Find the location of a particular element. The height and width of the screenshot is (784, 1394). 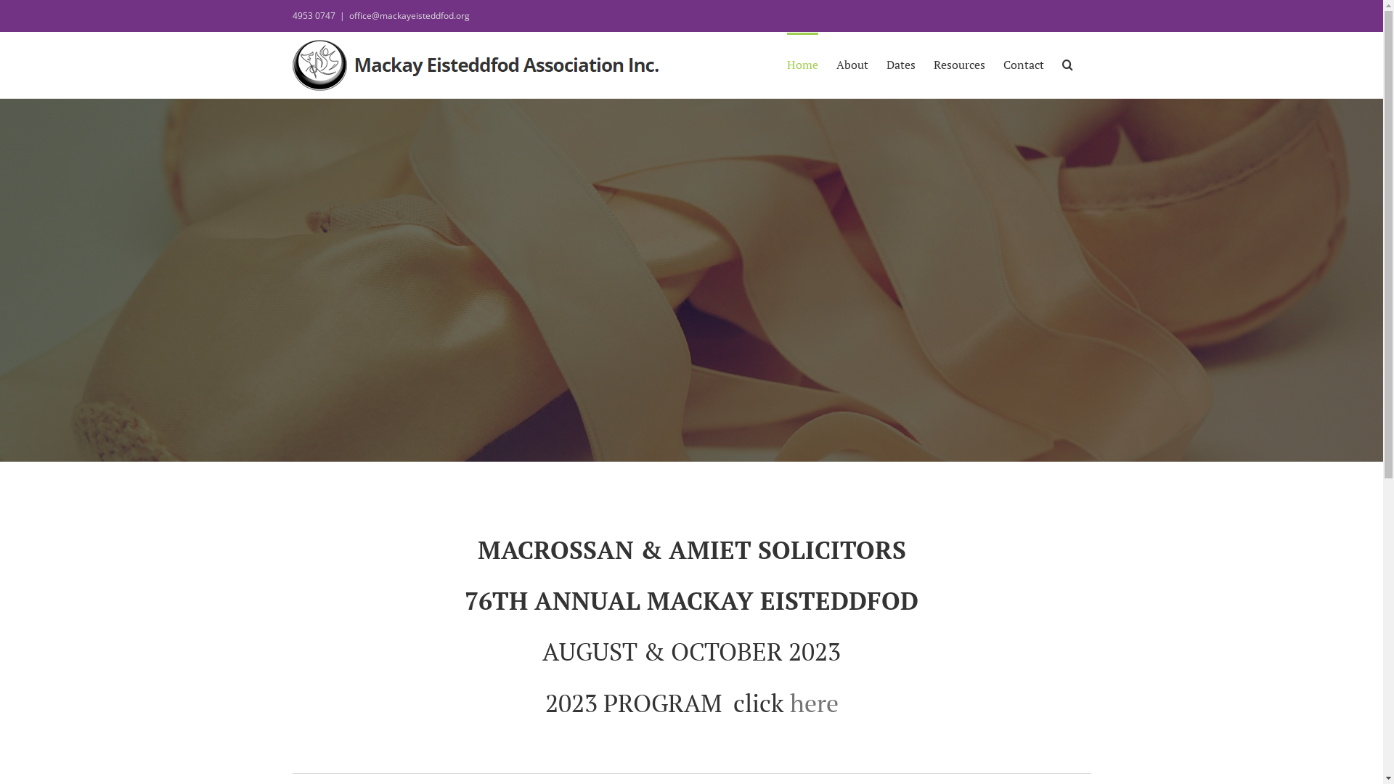

'4953 0747' is located at coordinates (291, 15).